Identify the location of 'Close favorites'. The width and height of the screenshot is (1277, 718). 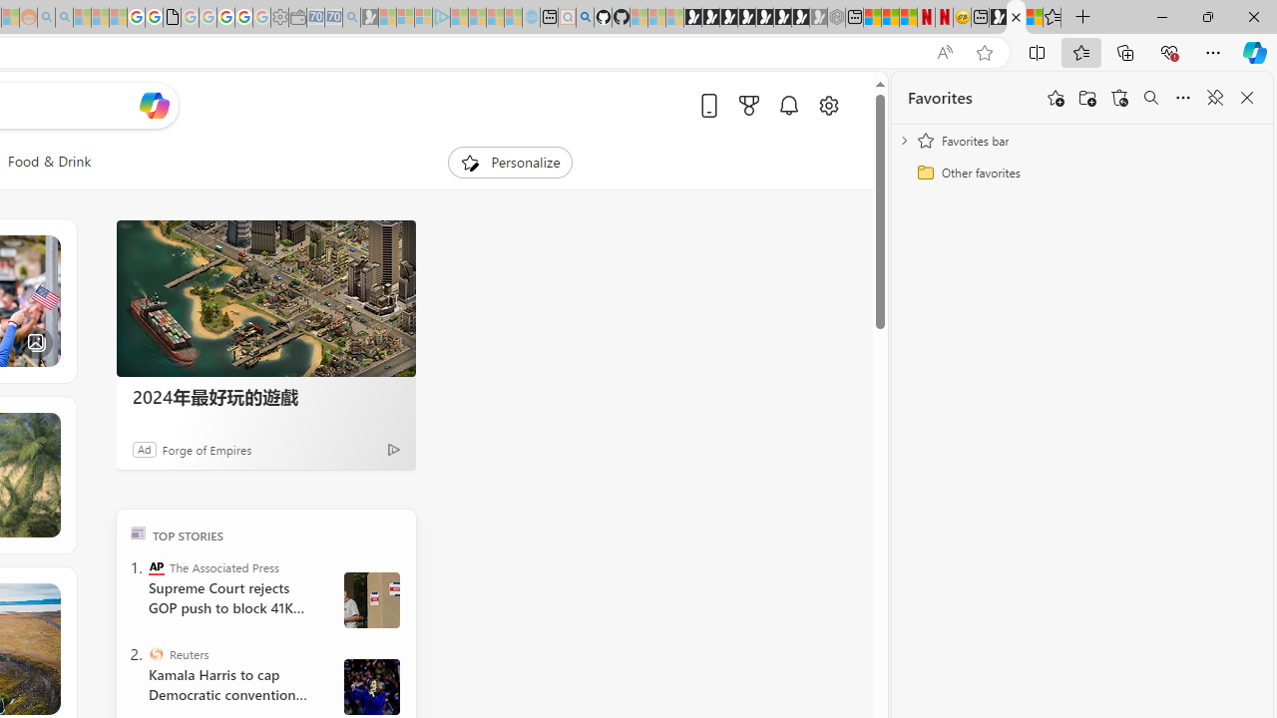
(1246, 98).